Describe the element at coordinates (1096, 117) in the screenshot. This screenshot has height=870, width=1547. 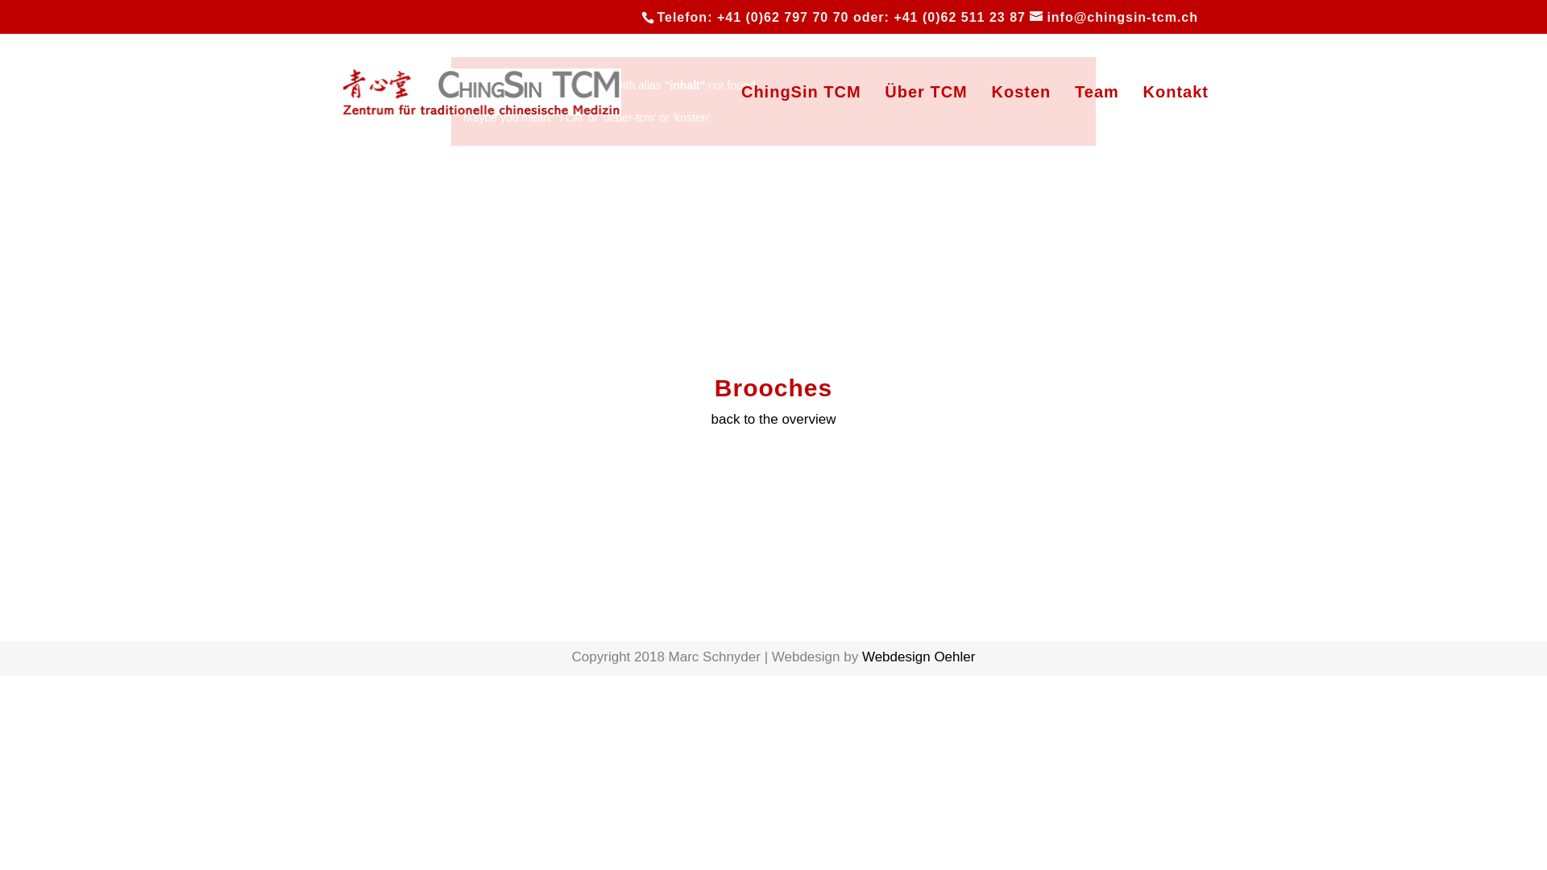
I see `'Team'` at that location.